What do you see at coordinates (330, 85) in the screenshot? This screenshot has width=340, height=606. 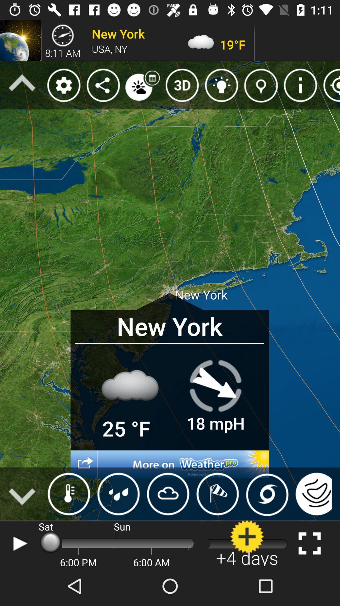 I see `the gps icon` at bounding box center [330, 85].